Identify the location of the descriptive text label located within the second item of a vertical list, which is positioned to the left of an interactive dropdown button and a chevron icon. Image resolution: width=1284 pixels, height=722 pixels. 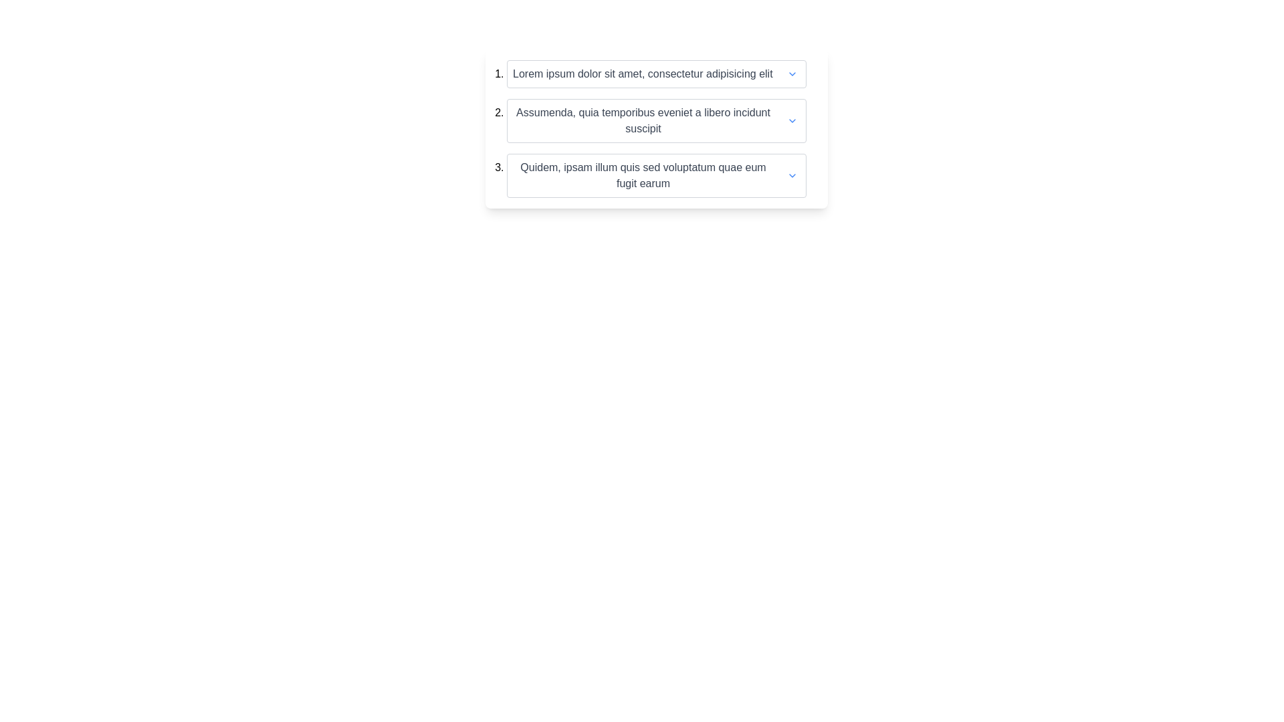
(643, 121).